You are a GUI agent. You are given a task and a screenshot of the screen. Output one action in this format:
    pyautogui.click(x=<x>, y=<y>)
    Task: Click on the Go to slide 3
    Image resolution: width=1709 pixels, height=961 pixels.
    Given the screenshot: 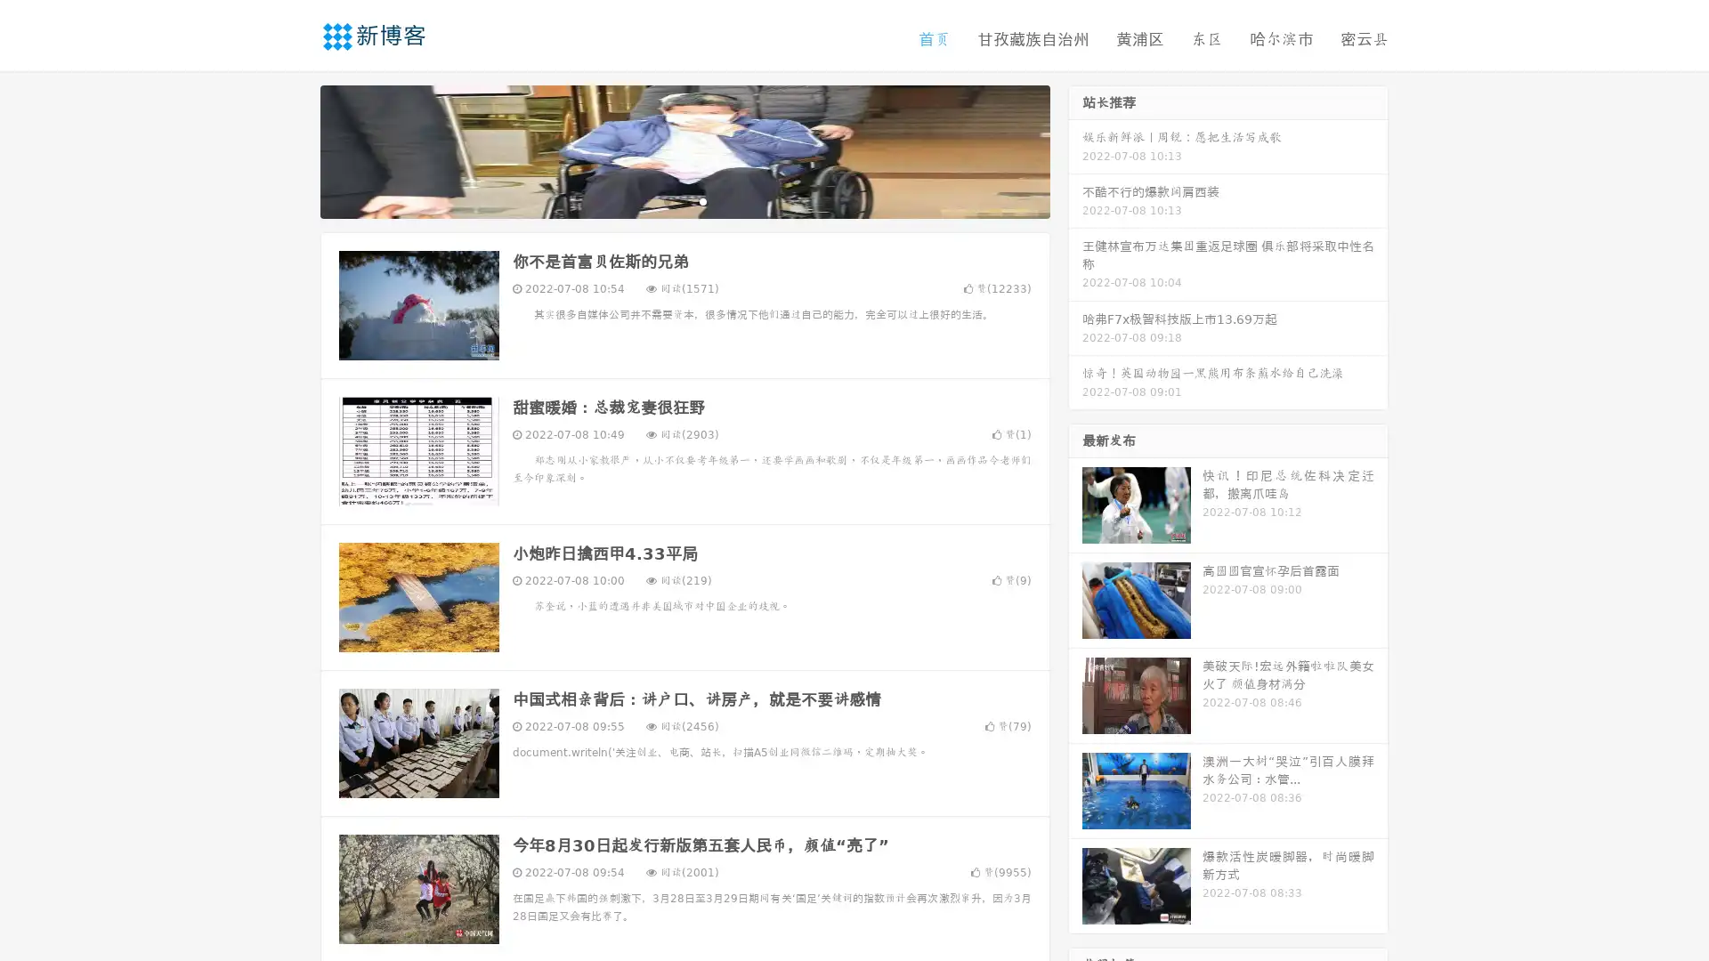 What is the action you would take?
    pyautogui.click(x=702, y=200)
    